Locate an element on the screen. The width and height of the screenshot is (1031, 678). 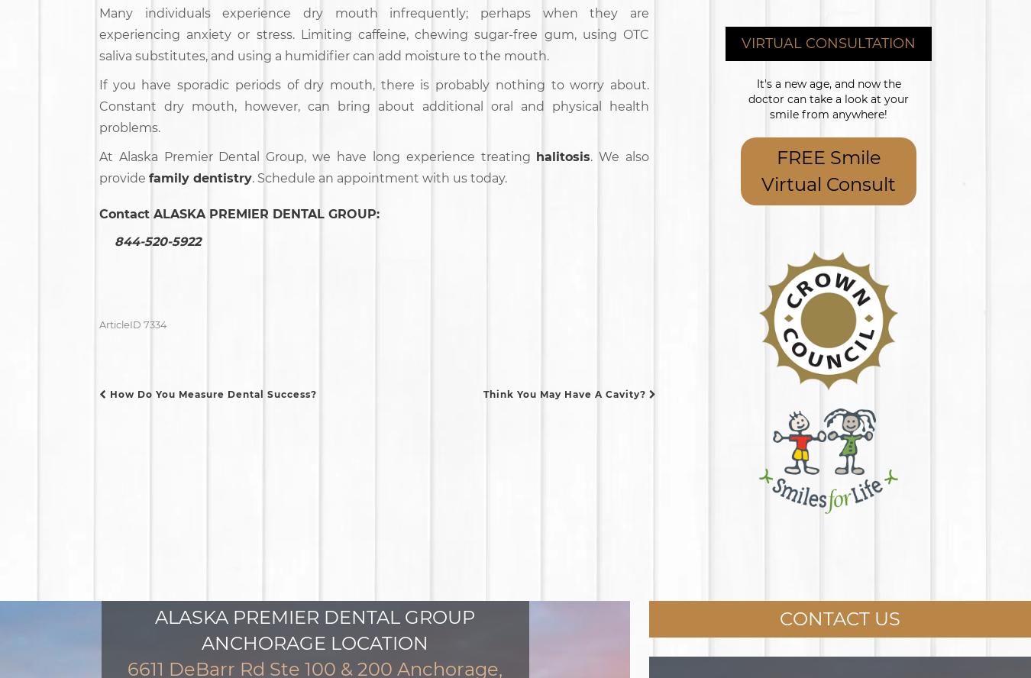
'FREE Smile Virtual Consult' is located at coordinates (828, 170).